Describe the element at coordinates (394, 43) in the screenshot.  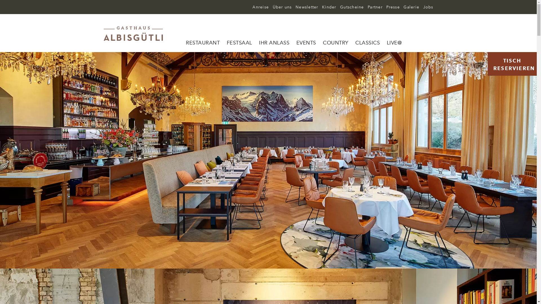
I see `'LIVE@'` at that location.